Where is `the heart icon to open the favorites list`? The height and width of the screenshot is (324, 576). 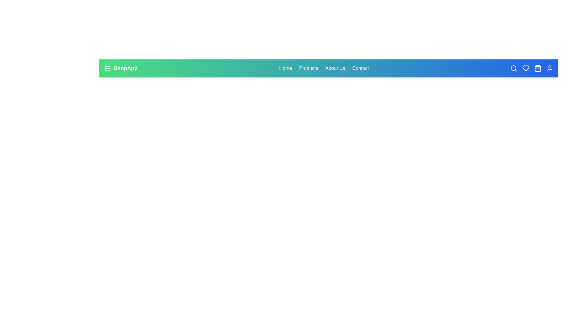
the heart icon to open the favorites list is located at coordinates (525, 68).